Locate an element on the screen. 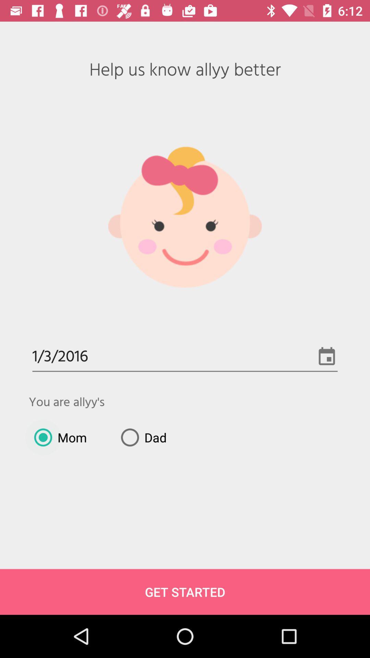  dad icon is located at coordinates (141, 437).